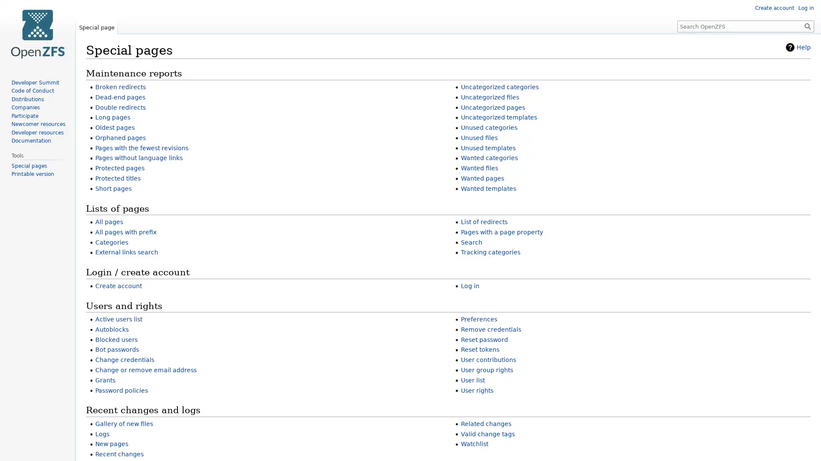 This screenshot has width=821, height=461. What do you see at coordinates (807, 26) in the screenshot?
I see `Search` at bounding box center [807, 26].